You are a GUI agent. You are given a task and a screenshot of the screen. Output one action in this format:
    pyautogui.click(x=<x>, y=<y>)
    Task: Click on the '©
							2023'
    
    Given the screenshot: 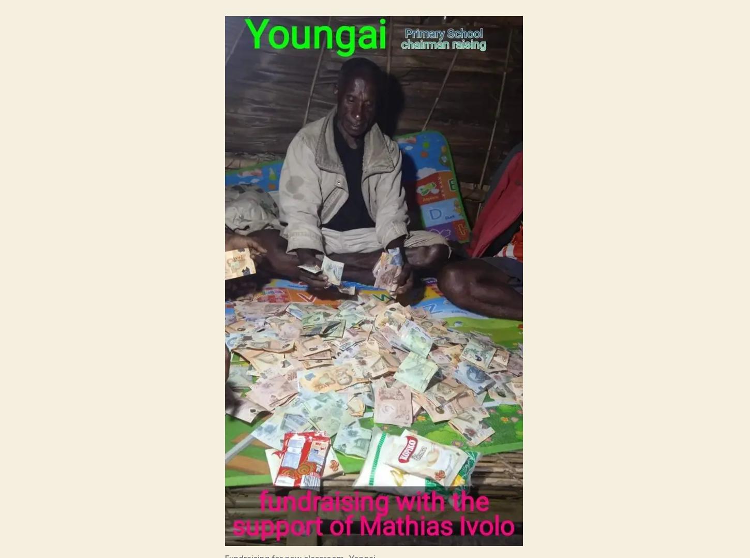 What is the action you would take?
    pyautogui.click(x=82, y=489)
    